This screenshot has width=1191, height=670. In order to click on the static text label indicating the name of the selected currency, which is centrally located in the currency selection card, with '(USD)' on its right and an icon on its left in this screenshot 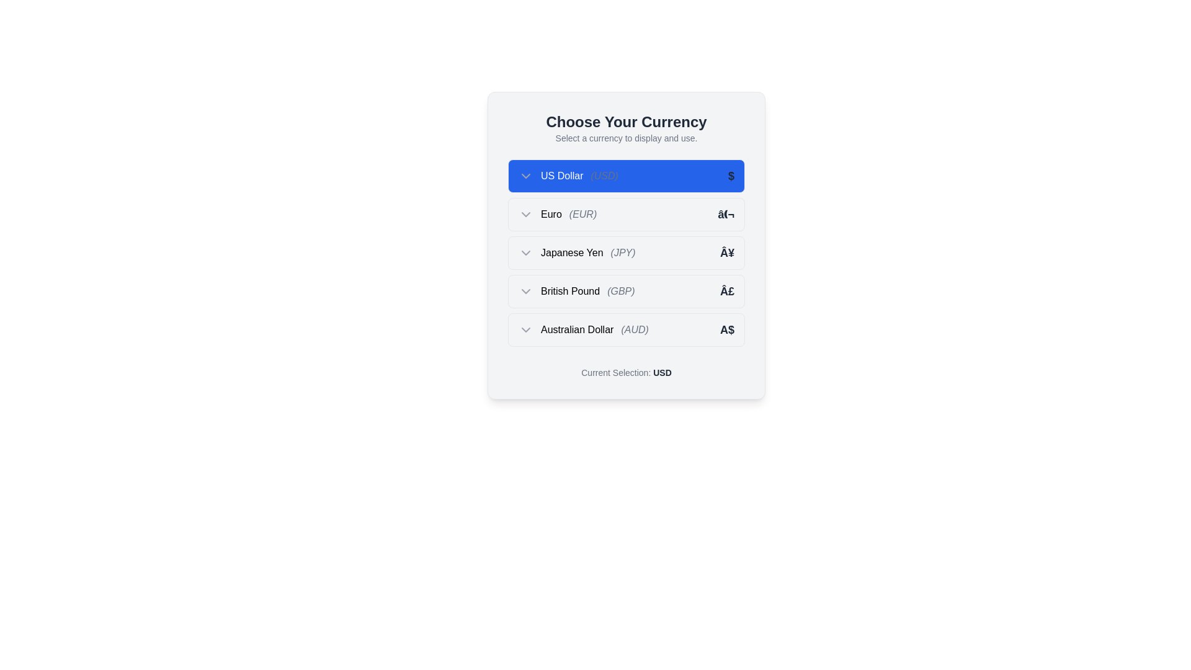, I will do `click(561, 176)`.